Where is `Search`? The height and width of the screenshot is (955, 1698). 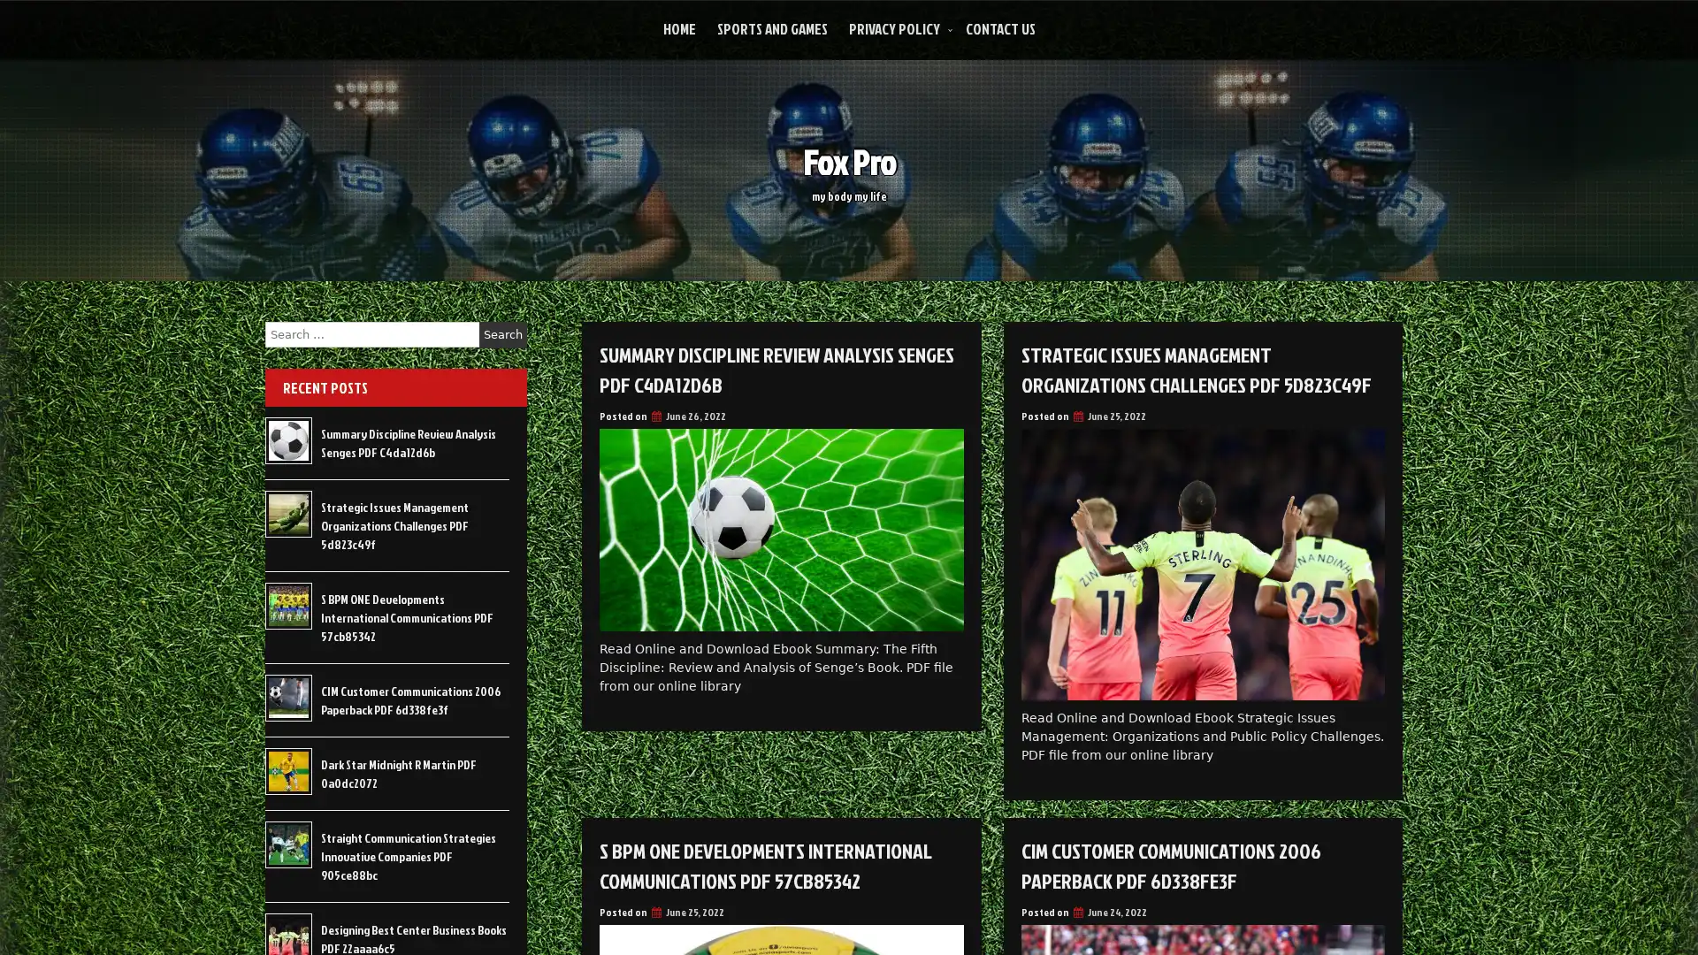 Search is located at coordinates (502, 334).